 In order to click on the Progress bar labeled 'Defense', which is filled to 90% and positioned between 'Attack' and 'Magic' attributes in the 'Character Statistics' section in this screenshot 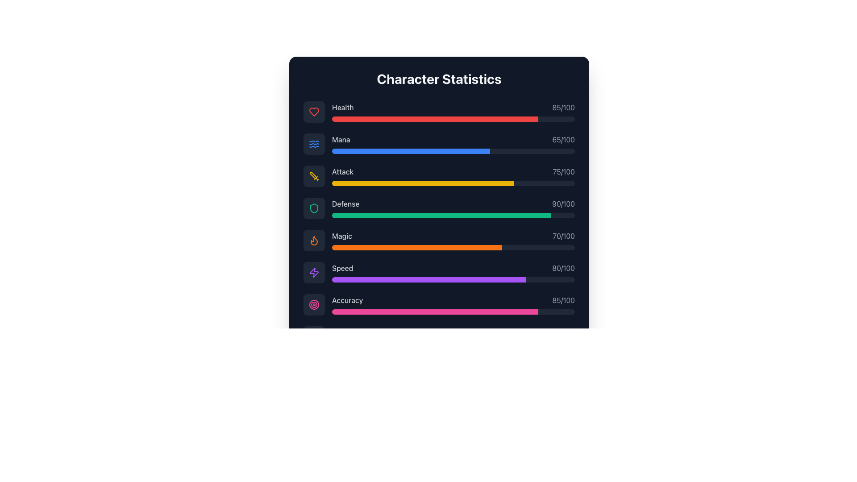, I will do `click(439, 208)`.